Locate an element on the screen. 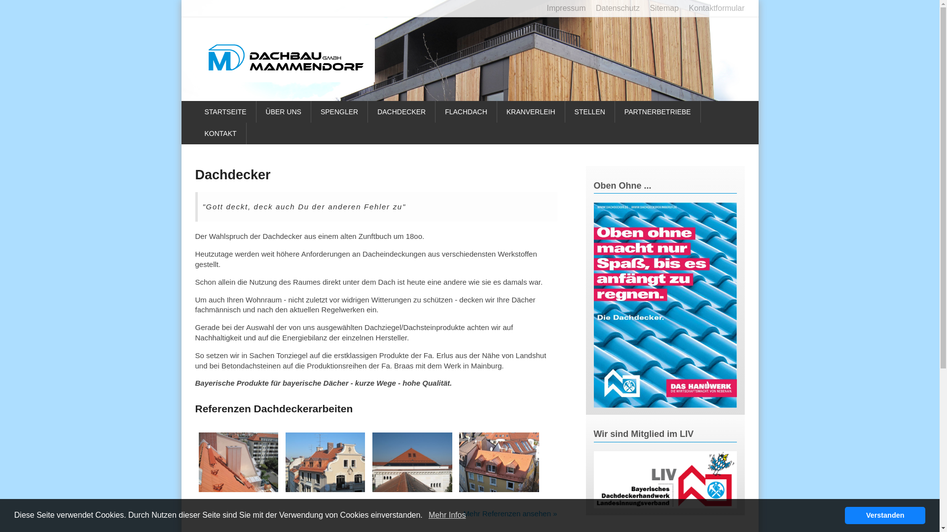 The image size is (947, 532). 'Impressum' is located at coordinates (562, 8).